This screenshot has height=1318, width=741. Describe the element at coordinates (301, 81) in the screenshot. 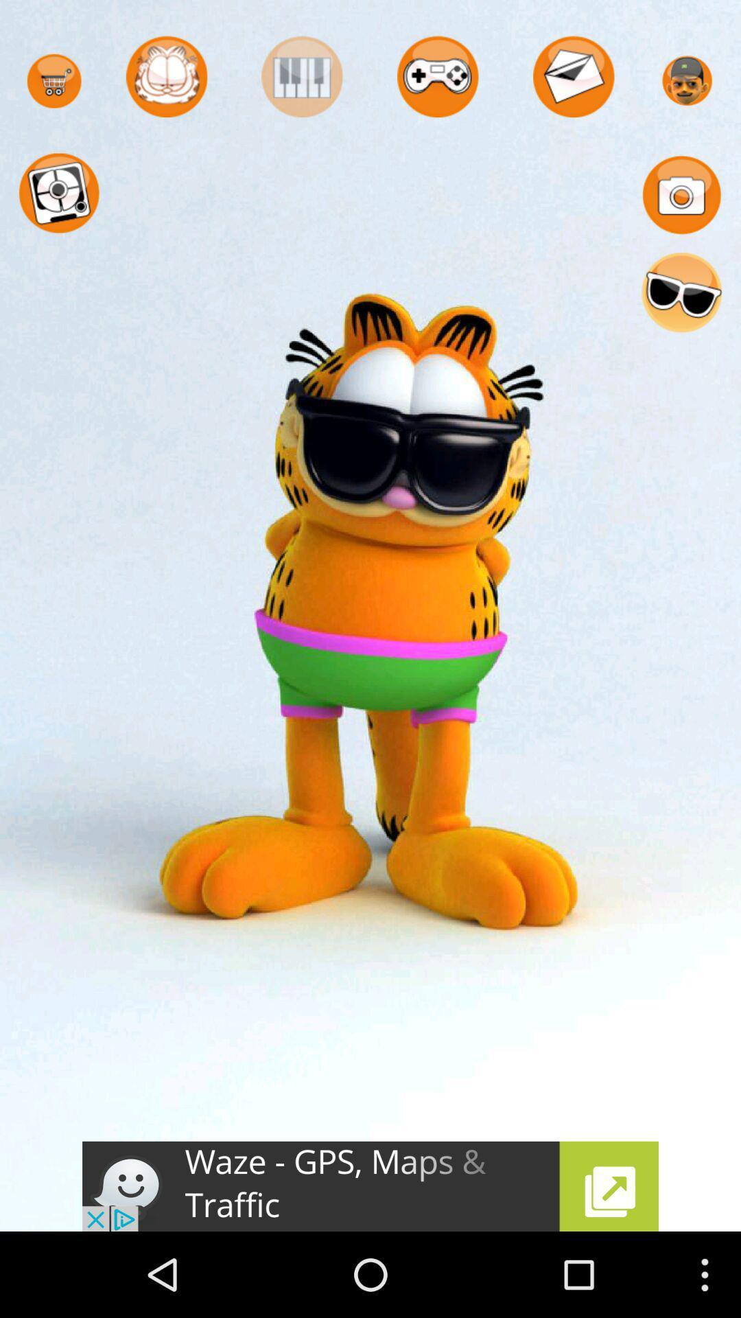

I see `the sliders icon` at that location.